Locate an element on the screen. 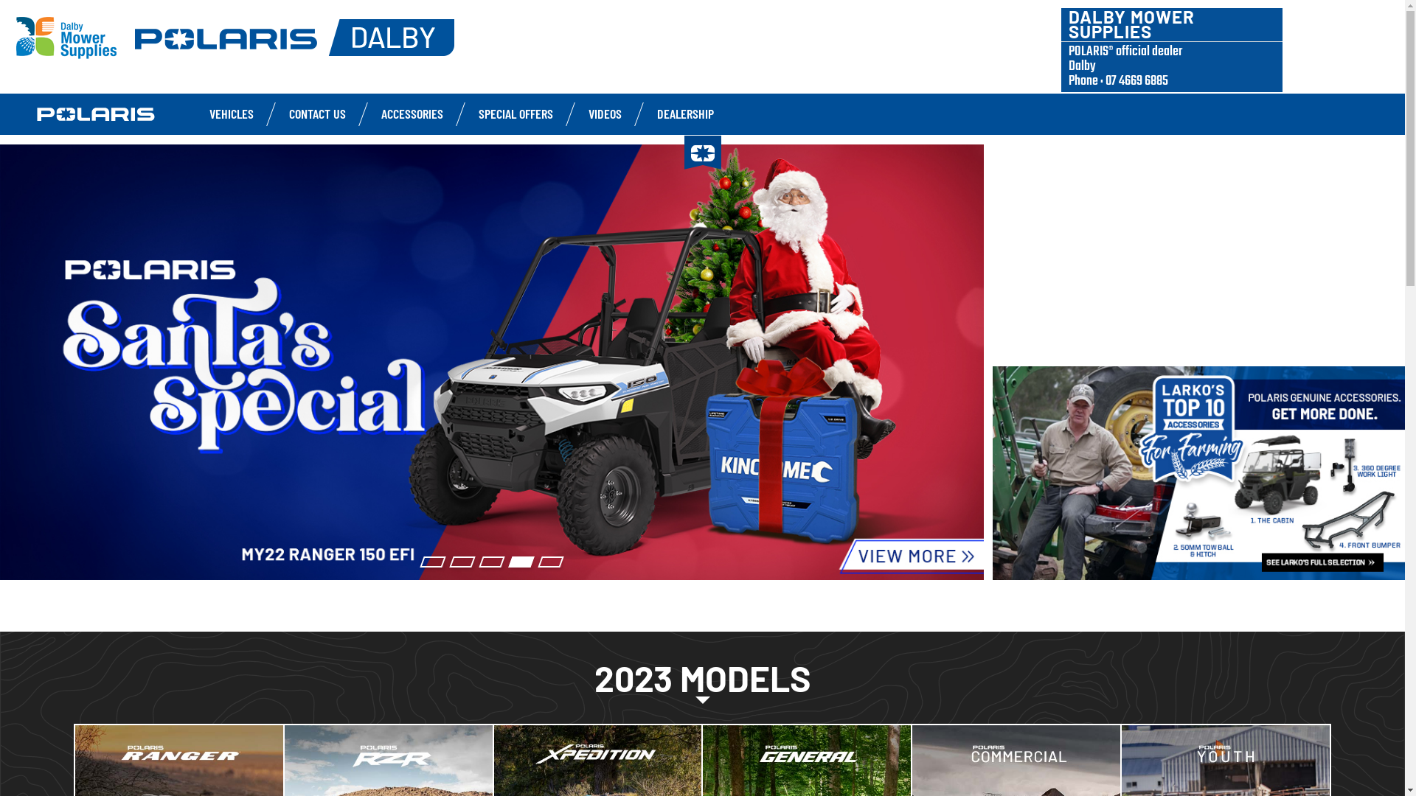 This screenshot has height=796, width=1416. 'VEHICLES' is located at coordinates (208, 113).